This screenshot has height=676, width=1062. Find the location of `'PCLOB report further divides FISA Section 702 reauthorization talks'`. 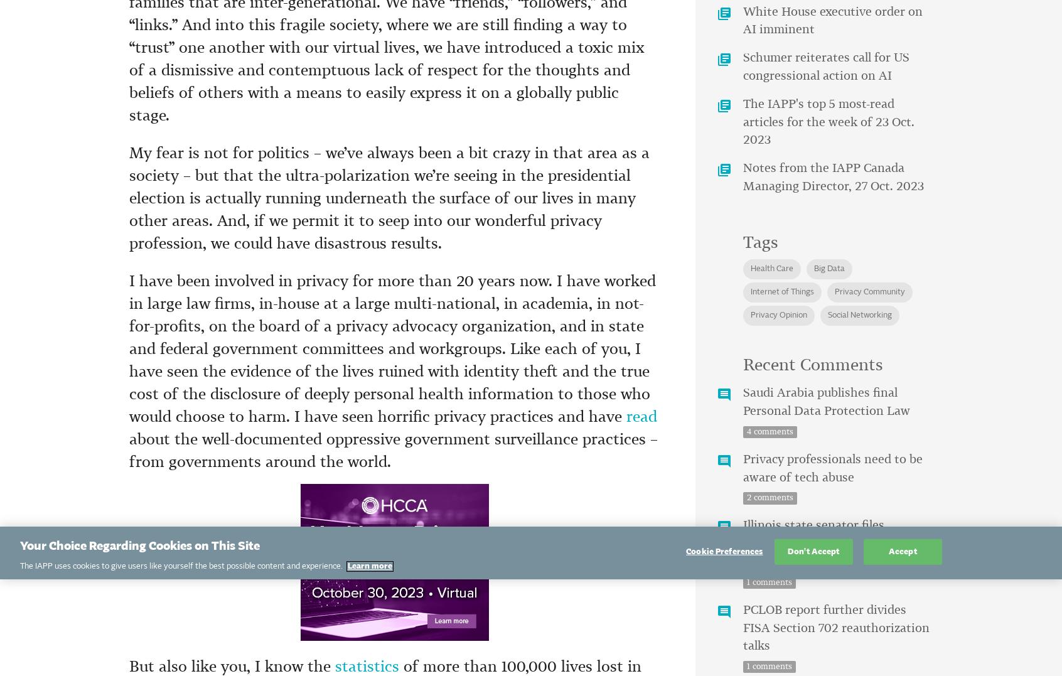

'PCLOB report further divides FISA Section 702 reauthorization talks' is located at coordinates (835, 627).